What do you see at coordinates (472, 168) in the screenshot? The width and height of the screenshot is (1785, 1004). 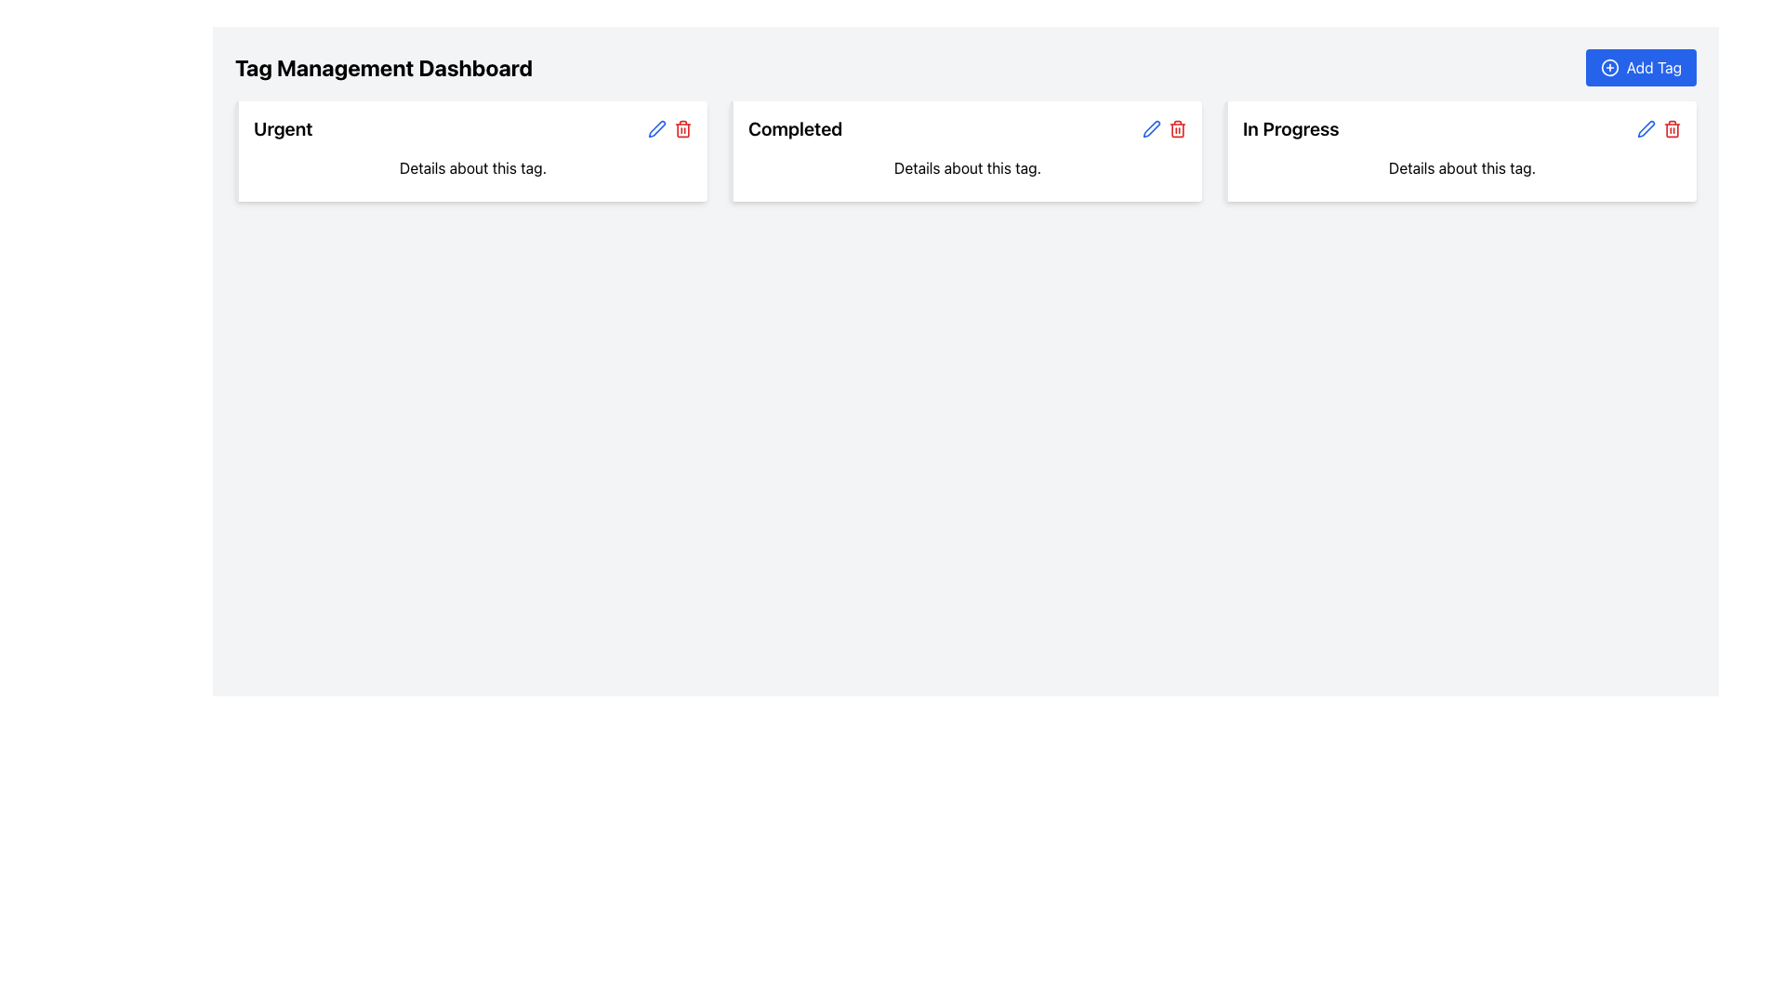 I see `the static text label located in the 'Urgent' section below the title text, providing additional information` at bounding box center [472, 168].